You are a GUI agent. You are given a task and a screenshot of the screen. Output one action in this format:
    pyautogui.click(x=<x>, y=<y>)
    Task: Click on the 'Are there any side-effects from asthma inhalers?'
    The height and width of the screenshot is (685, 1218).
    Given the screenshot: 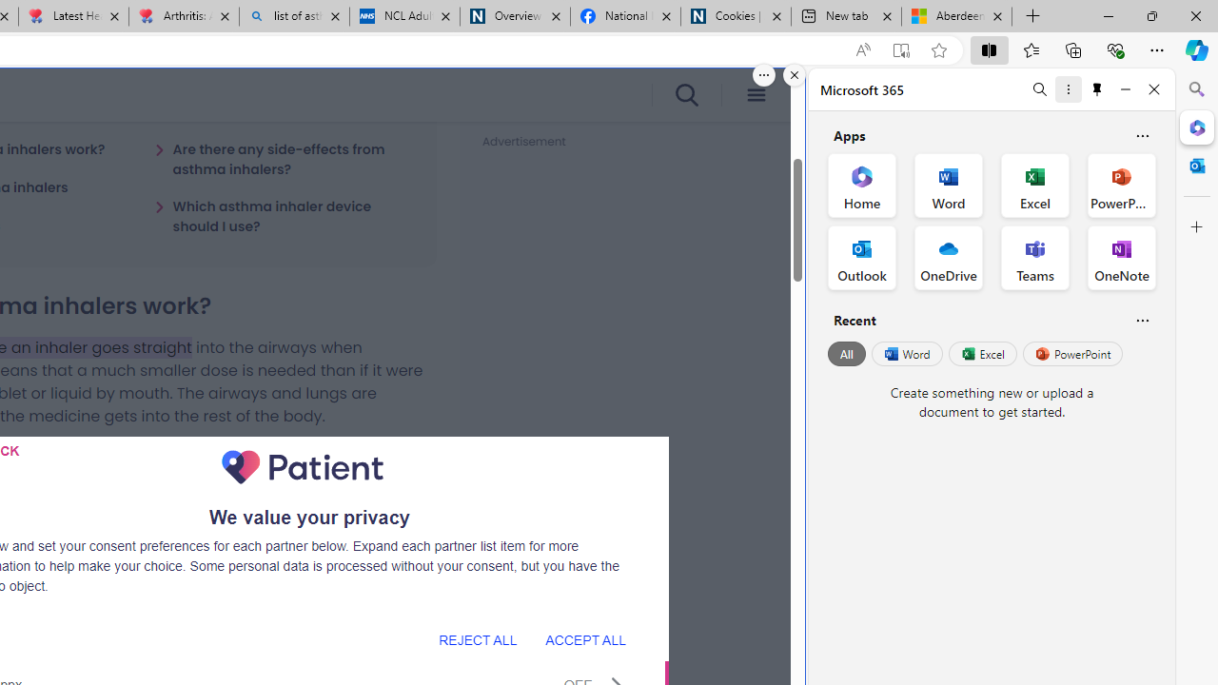 What is the action you would take?
    pyautogui.click(x=283, y=158)
    